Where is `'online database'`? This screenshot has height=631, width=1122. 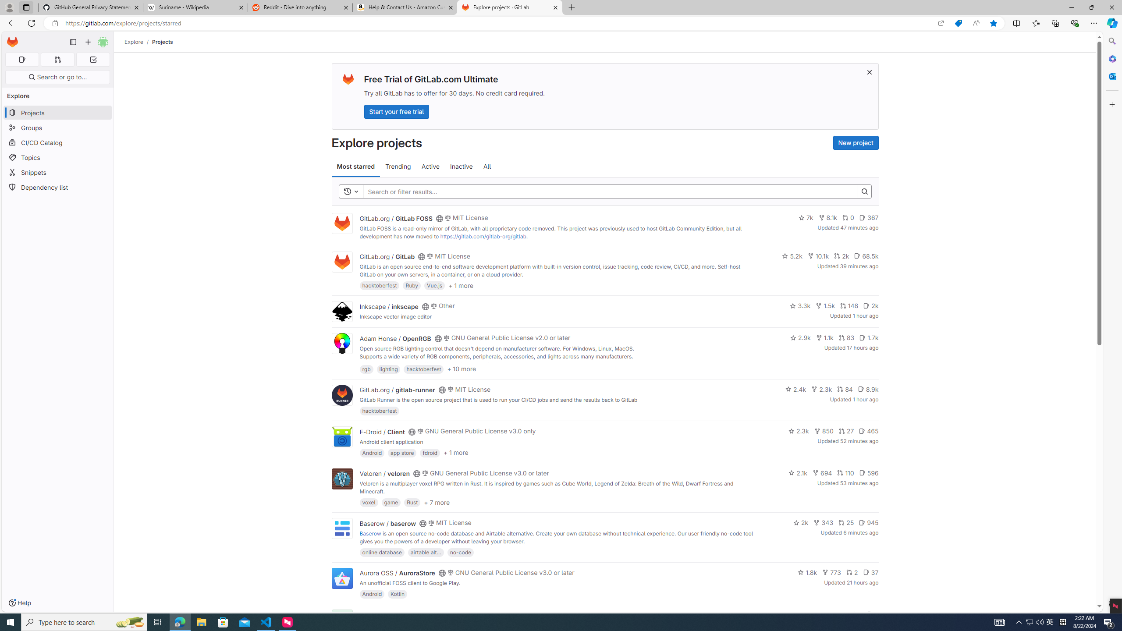
'online database' is located at coordinates (382, 552).